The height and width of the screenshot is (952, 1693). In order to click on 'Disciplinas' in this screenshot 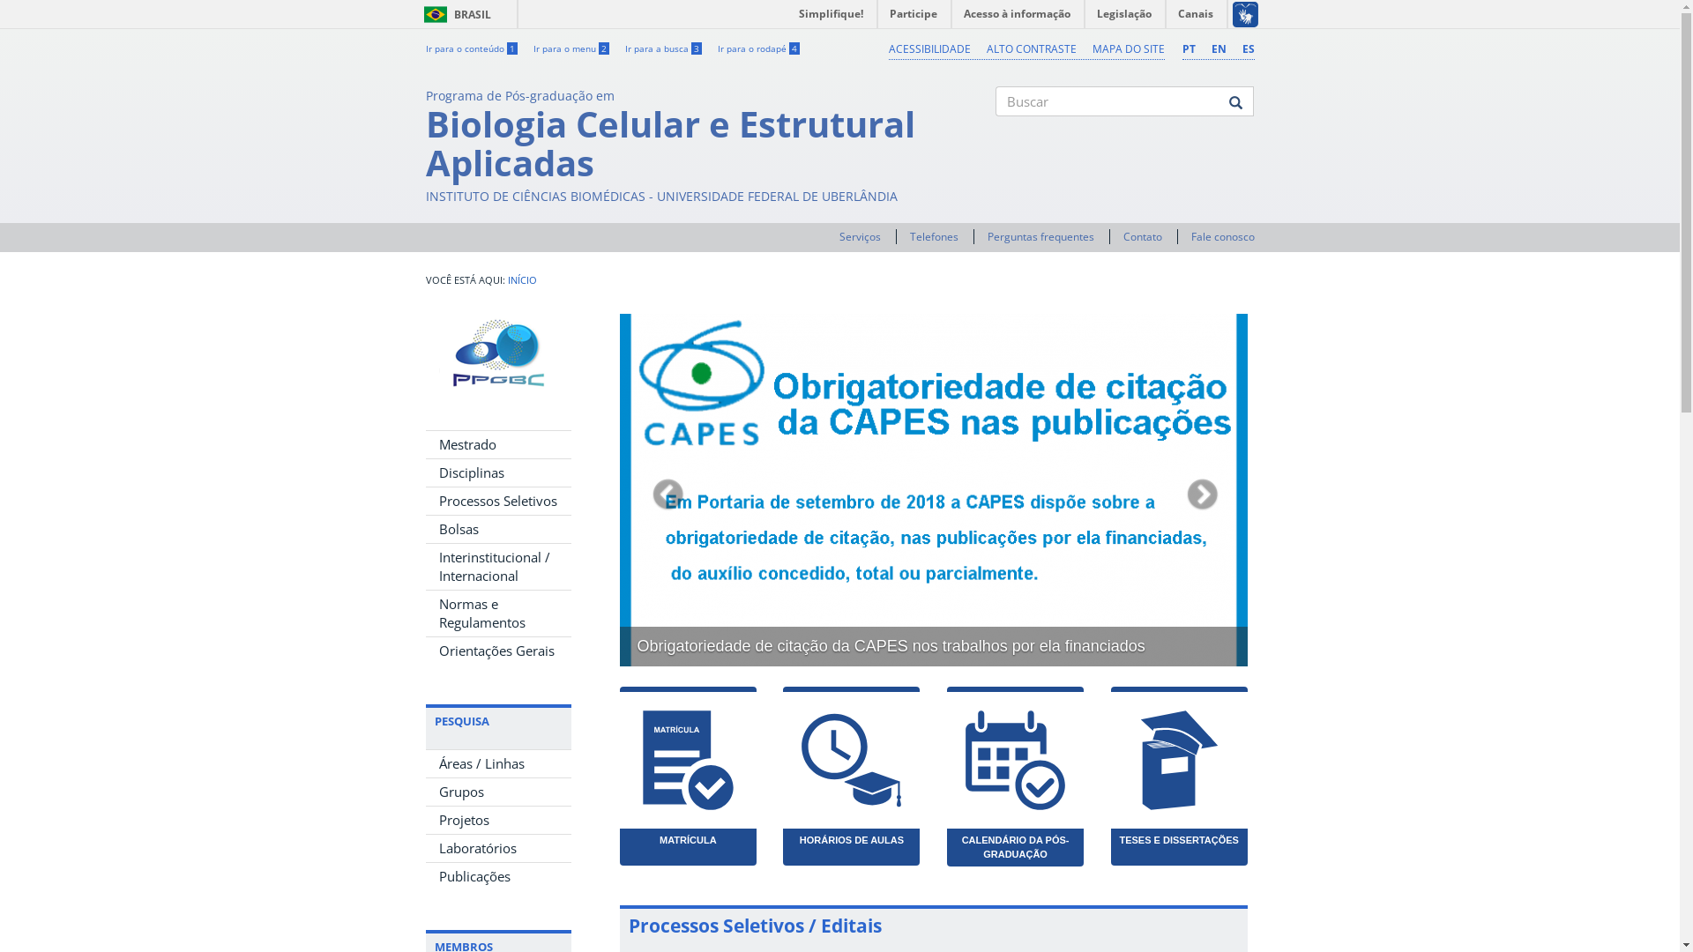, I will do `click(496, 472)`.